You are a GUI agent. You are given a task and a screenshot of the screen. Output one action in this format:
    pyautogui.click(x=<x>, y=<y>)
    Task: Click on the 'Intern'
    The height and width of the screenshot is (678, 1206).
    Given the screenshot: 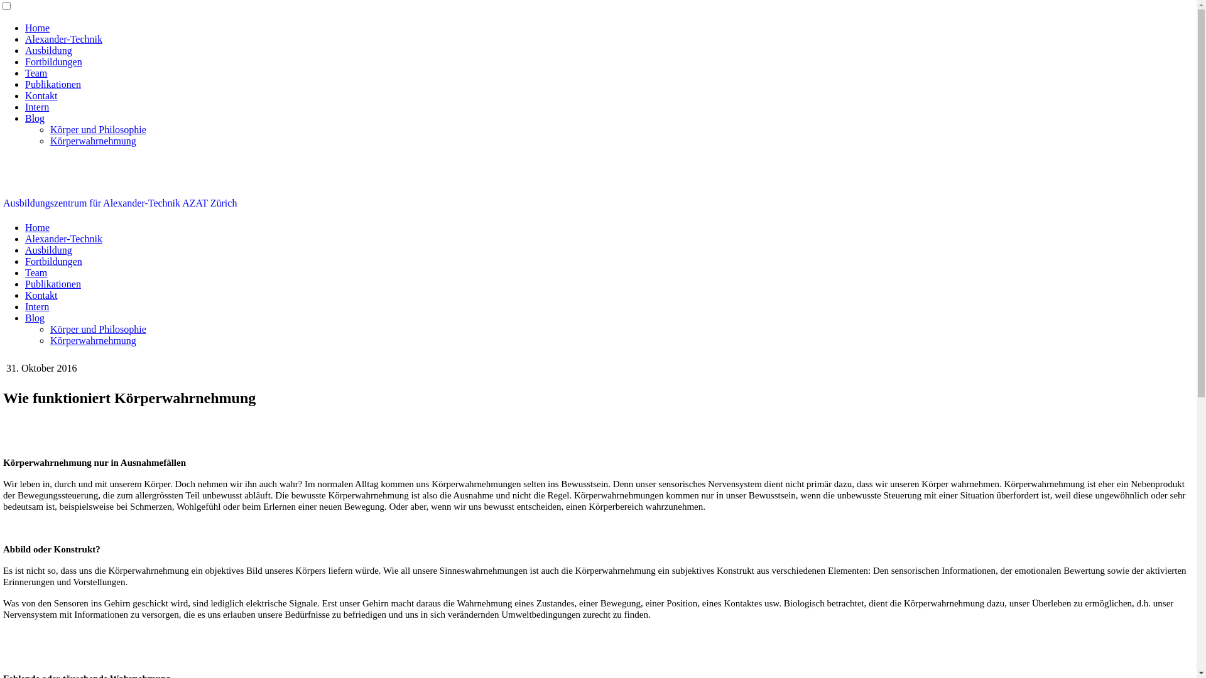 What is the action you would take?
    pyautogui.click(x=36, y=306)
    